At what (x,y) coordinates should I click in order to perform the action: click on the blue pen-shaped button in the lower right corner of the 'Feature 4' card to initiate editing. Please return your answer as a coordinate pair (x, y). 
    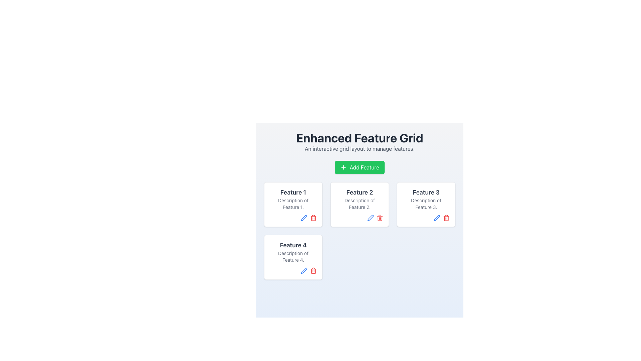
    Looking at the image, I should click on (304, 271).